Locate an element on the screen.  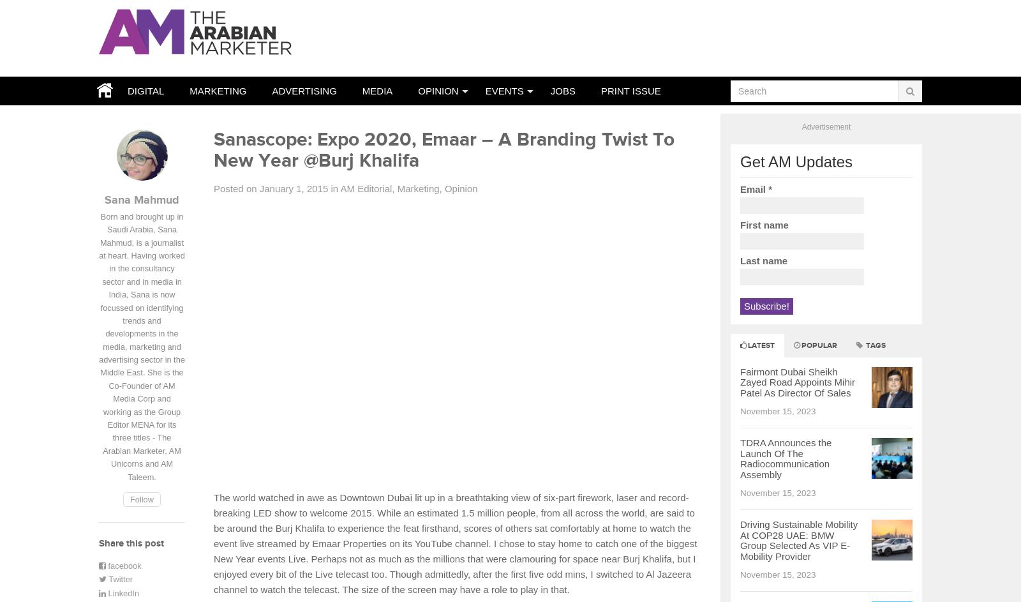
'Posted on January 1, 2015' is located at coordinates (270, 188).